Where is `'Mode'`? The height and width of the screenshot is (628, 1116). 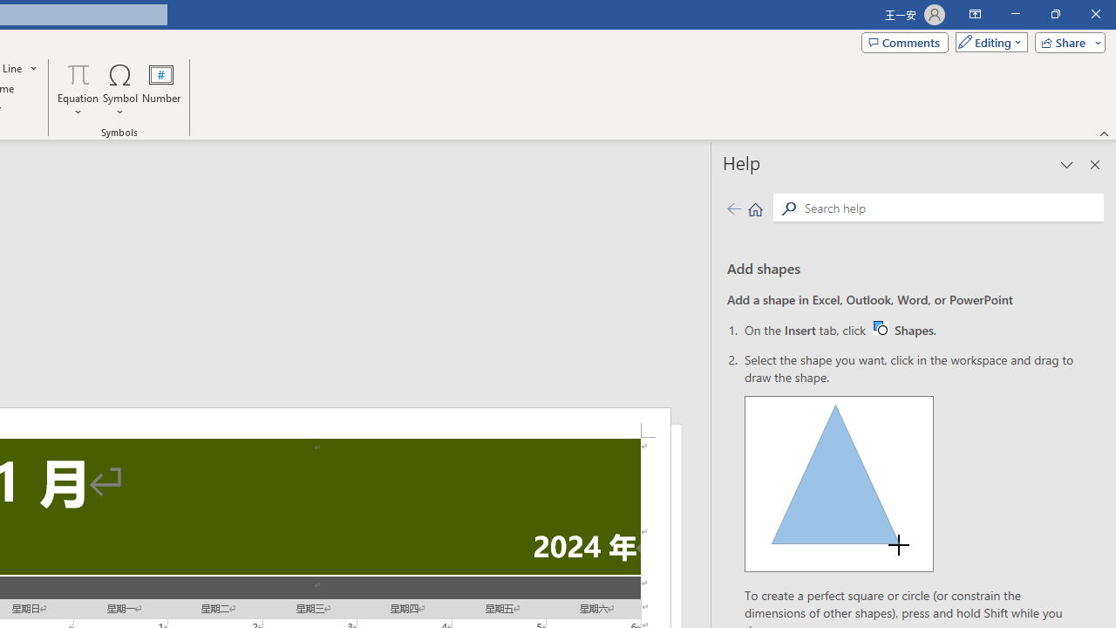 'Mode' is located at coordinates (988, 41).